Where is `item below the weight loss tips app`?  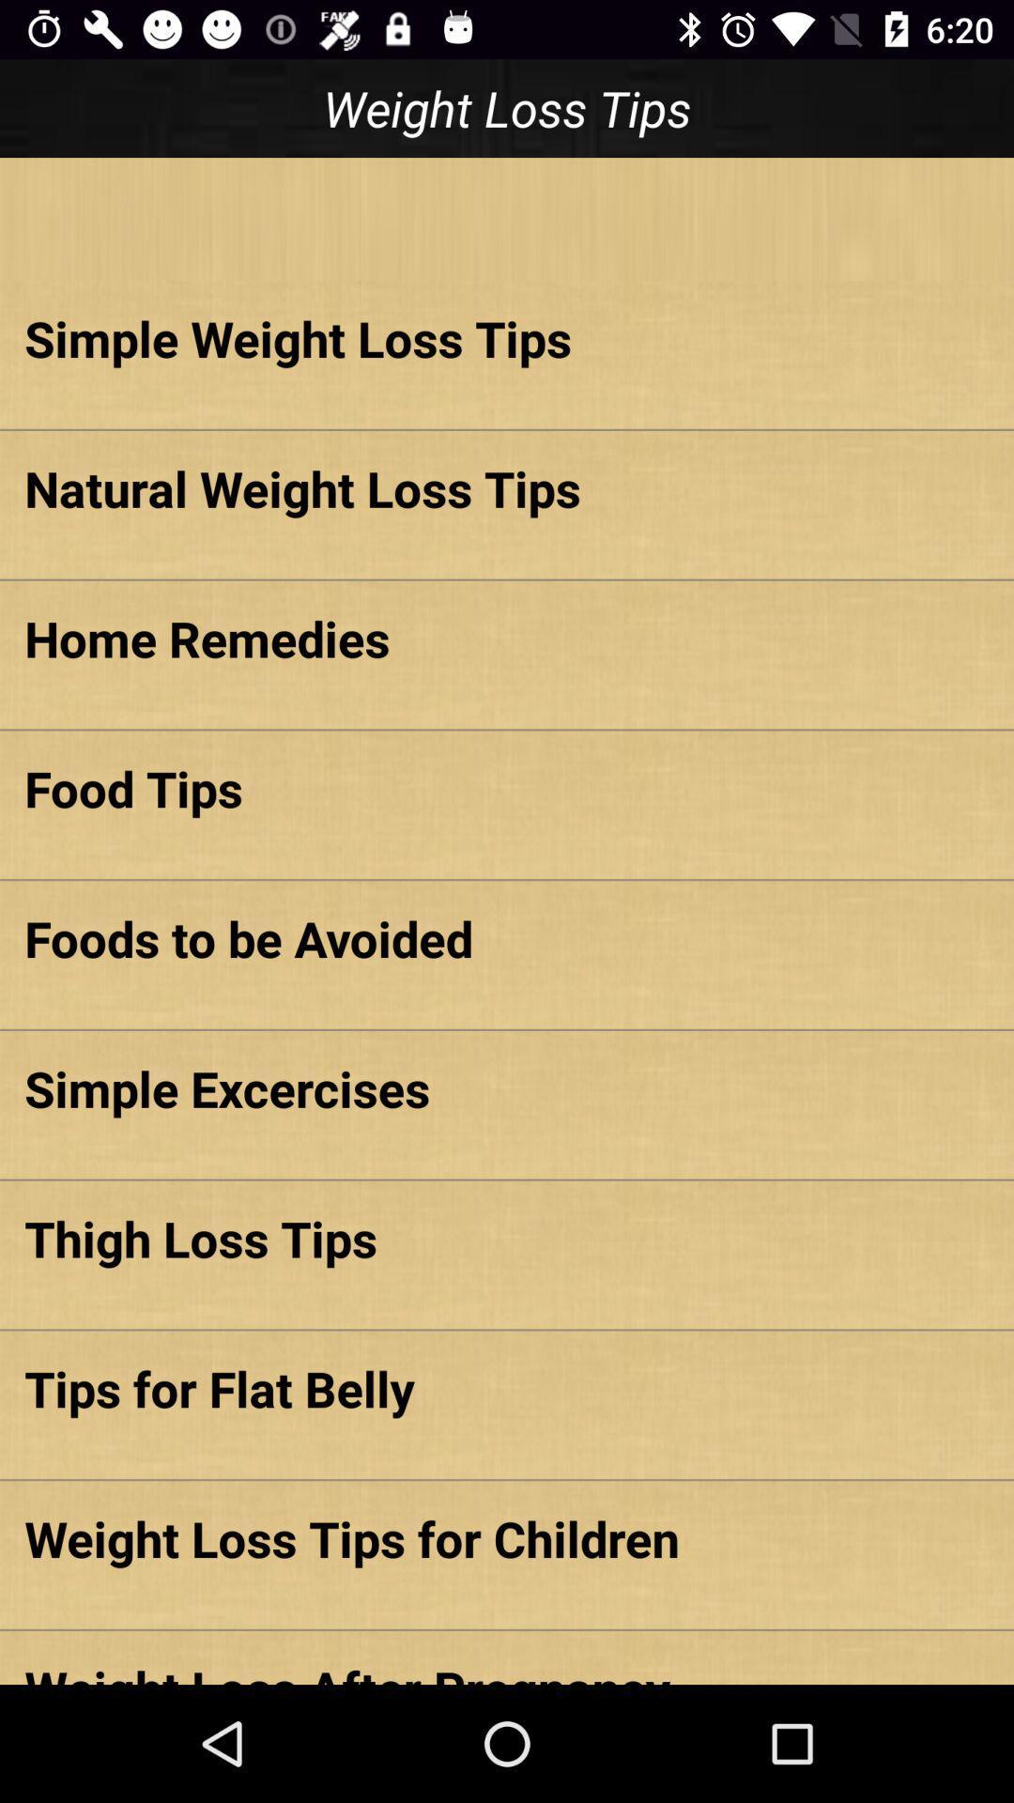
item below the weight loss tips app is located at coordinates (507, 219).